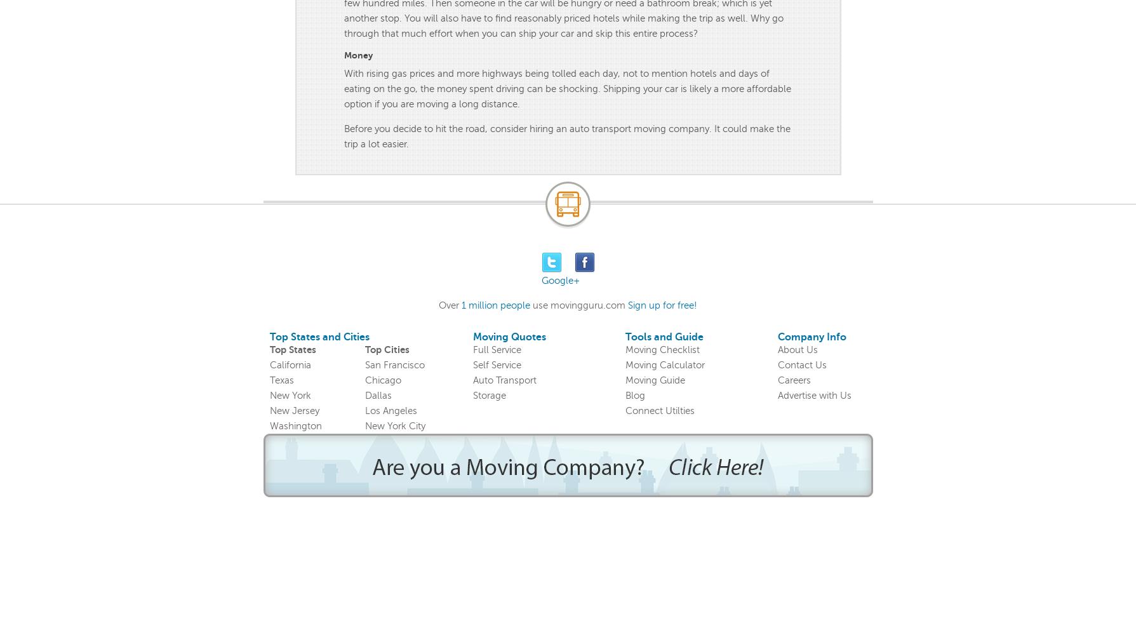 The height and width of the screenshot is (635, 1136). I want to click on 'Self Service', so click(496, 364).